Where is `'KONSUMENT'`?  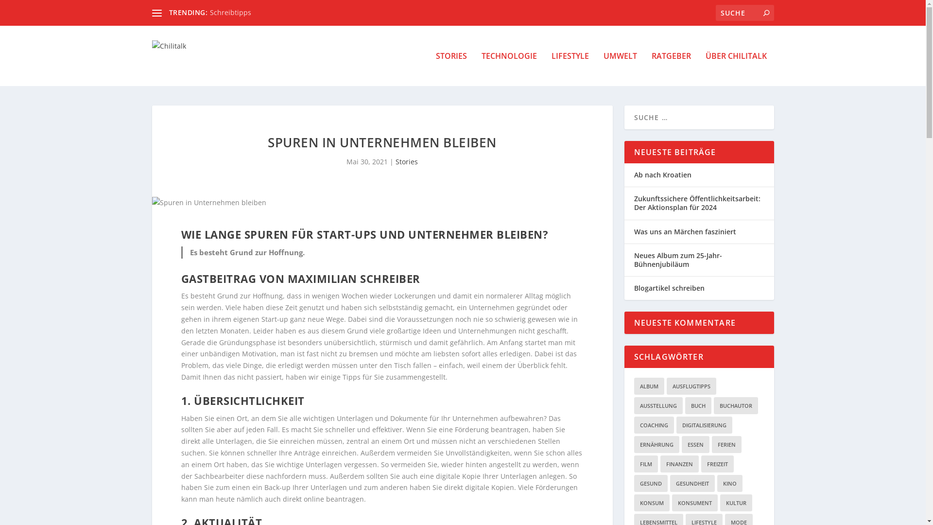
'KONSUMENT' is located at coordinates (694, 503).